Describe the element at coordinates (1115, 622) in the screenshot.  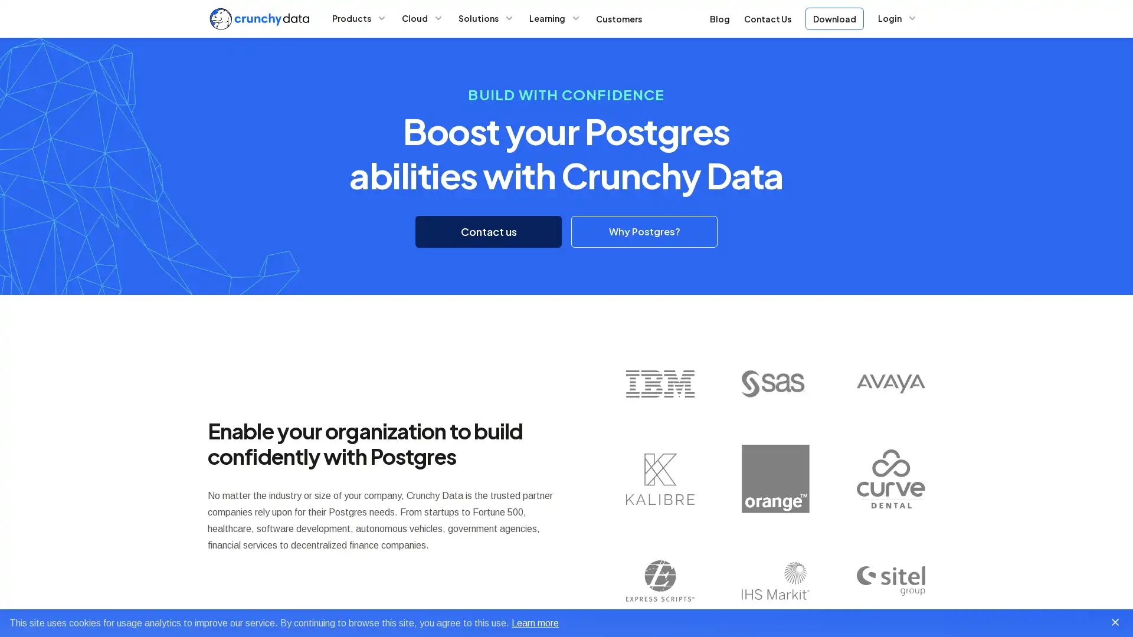
I see `Close` at that location.